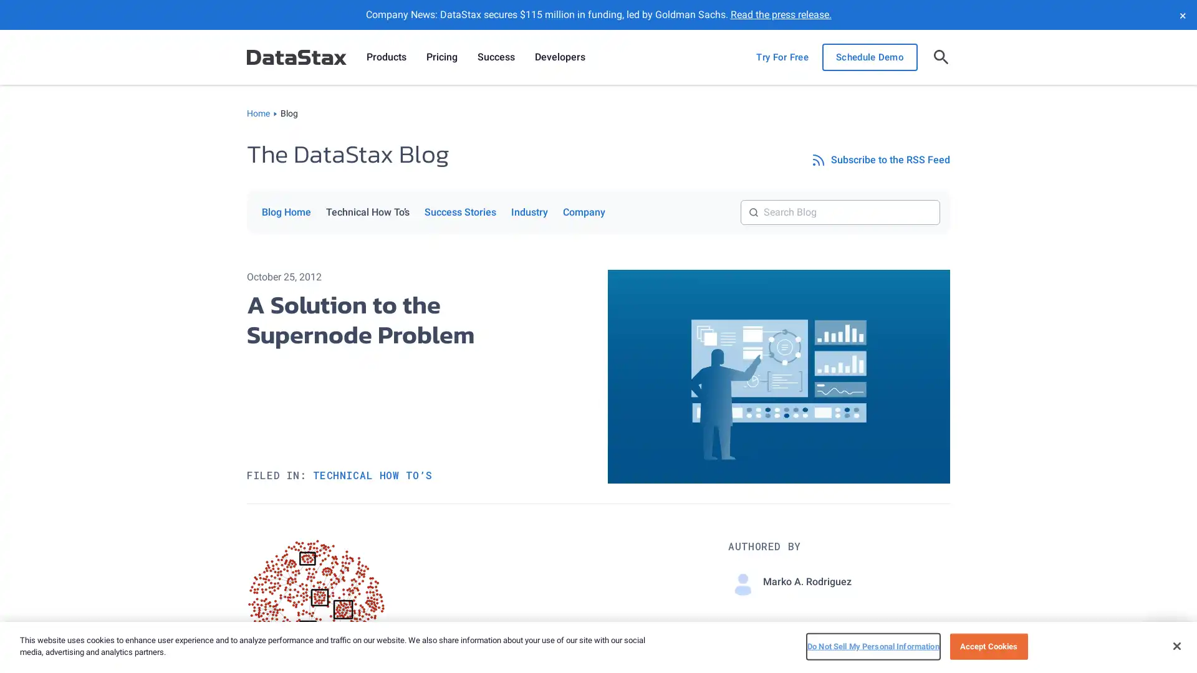 The width and height of the screenshot is (1197, 673). Describe the element at coordinates (940, 199) in the screenshot. I see `Search` at that location.